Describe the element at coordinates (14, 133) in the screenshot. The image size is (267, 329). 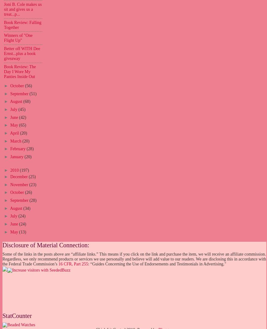
I see `'April'` at that location.